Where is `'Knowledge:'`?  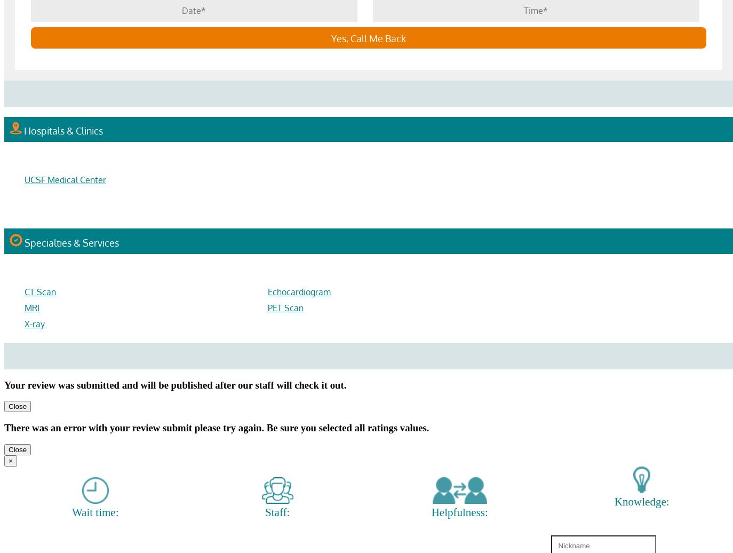
'Knowledge:' is located at coordinates (641, 501).